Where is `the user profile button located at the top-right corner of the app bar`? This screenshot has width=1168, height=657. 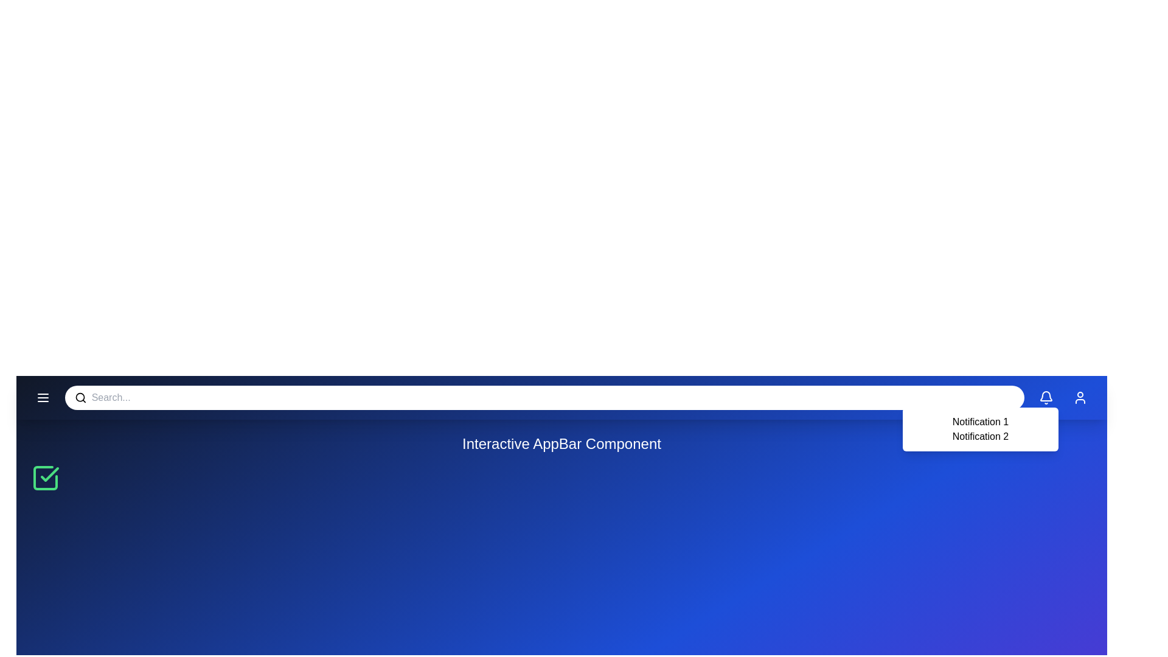 the user profile button located at the top-right corner of the app bar is located at coordinates (1080, 398).